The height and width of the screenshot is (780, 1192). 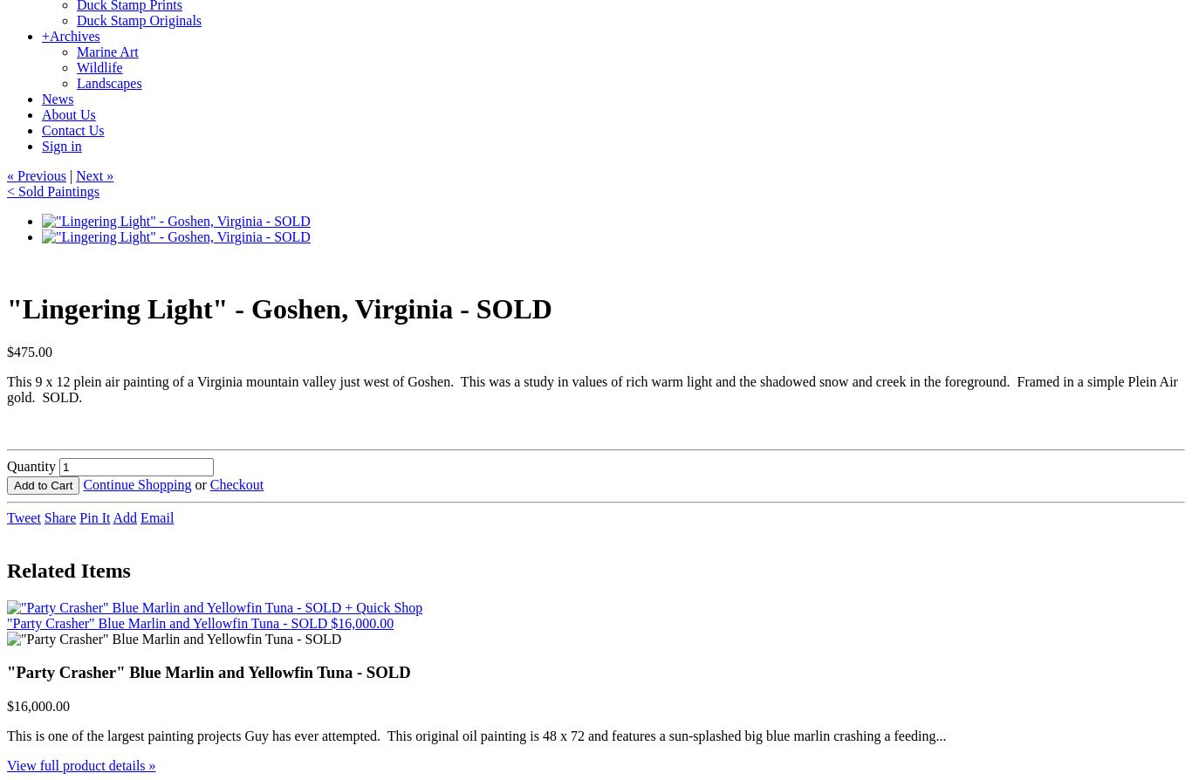 What do you see at coordinates (156, 517) in the screenshot?
I see `'Email'` at bounding box center [156, 517].